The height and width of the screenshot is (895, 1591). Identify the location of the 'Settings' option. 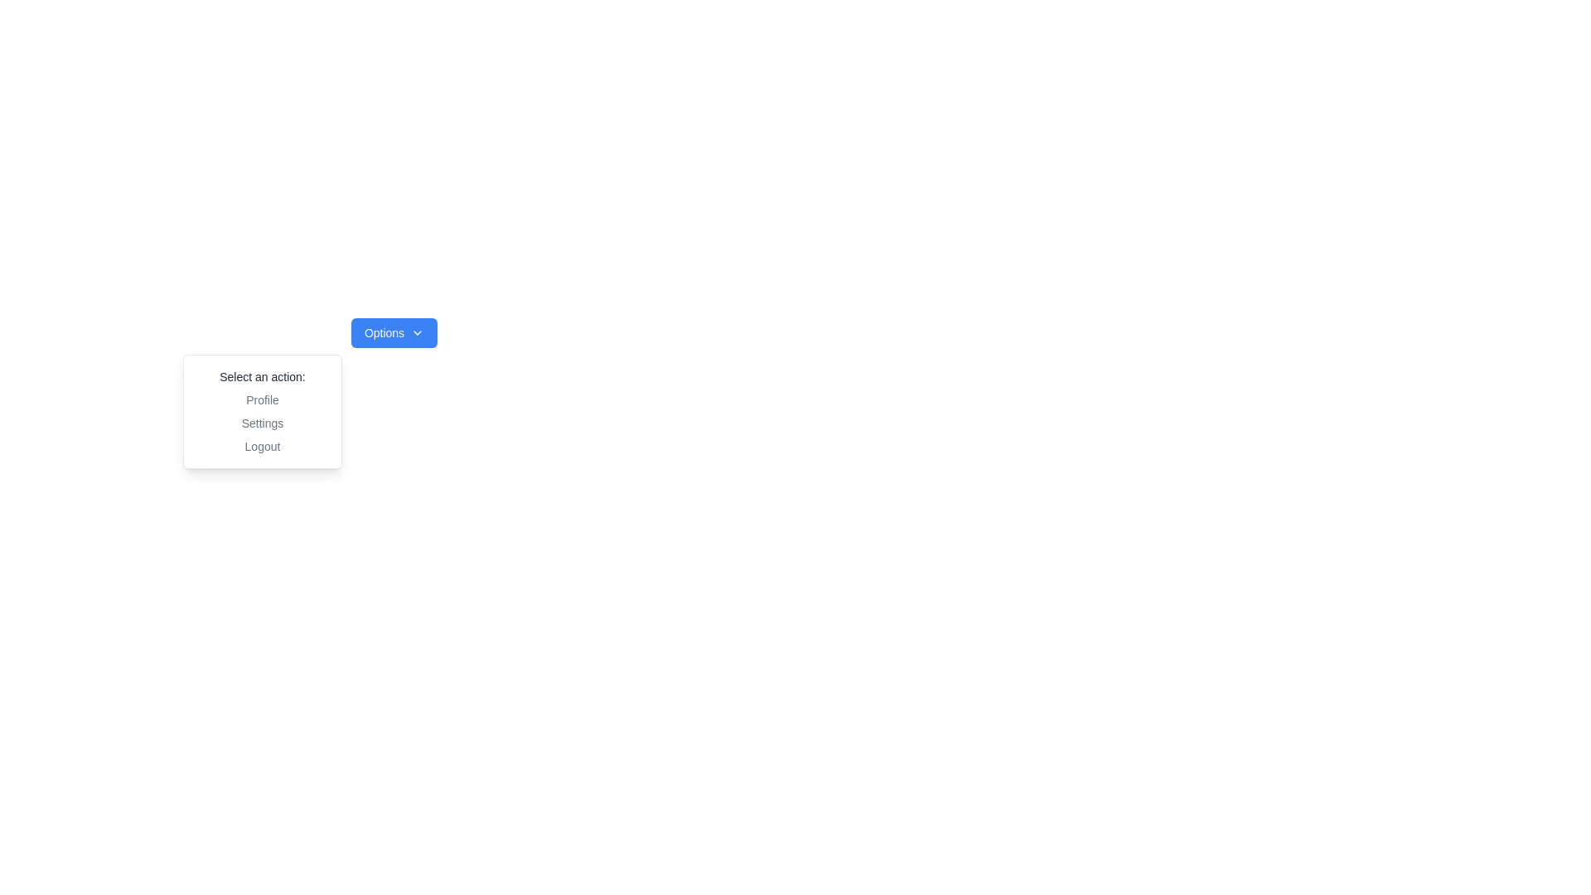
(261, 422).